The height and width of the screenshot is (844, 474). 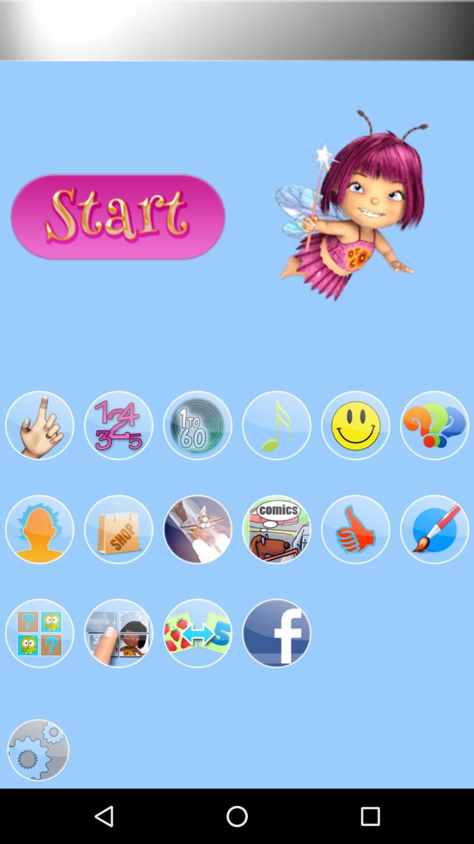 I want to click on the 2nd circular shaped image below the start button on the web page, so click(x=118, y=426).